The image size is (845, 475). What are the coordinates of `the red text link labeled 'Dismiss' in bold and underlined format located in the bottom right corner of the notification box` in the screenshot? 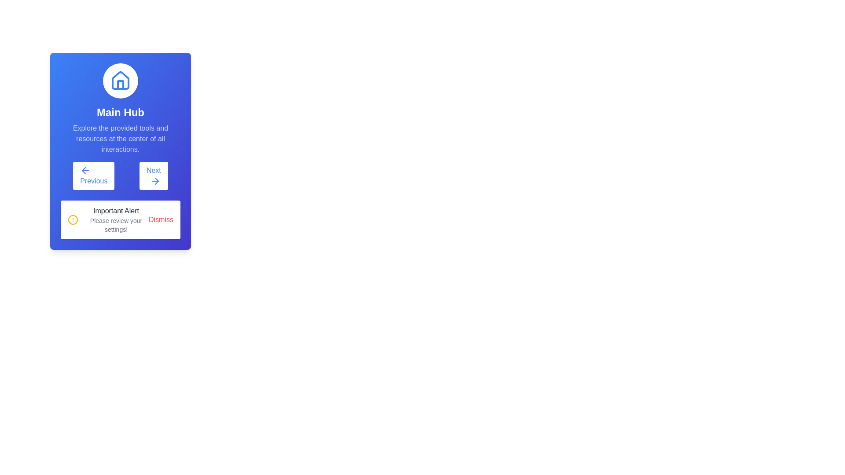 It's located at (161, 219).